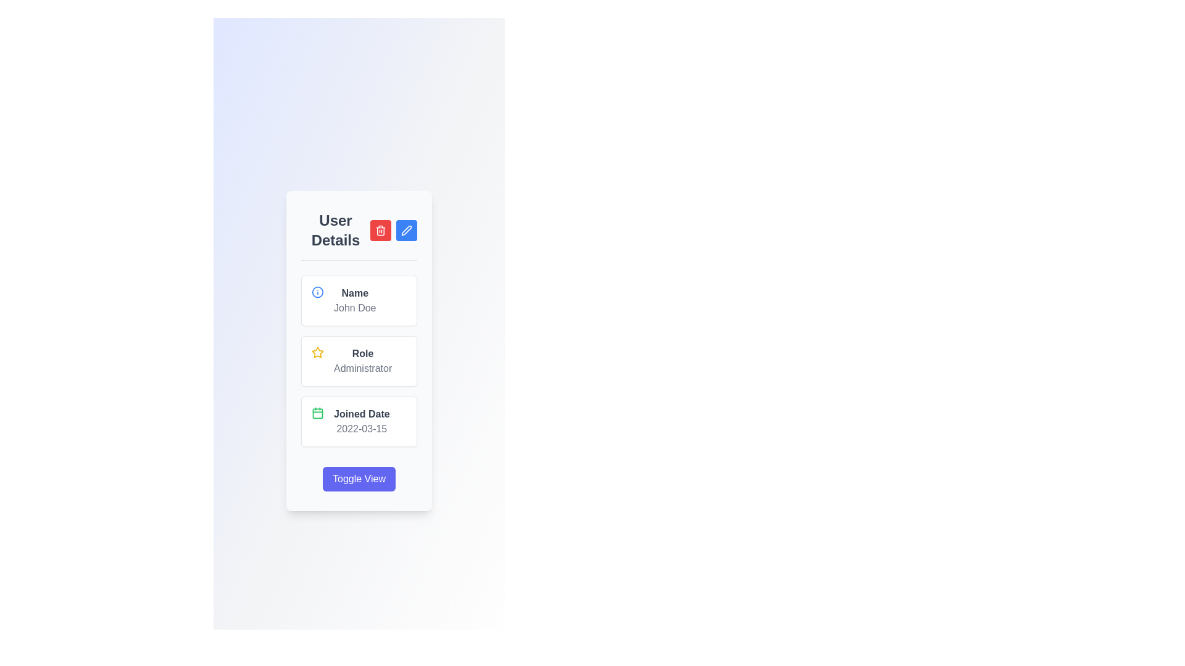  What do you see at coordinates (380, 230) in the screenshot?
I see `the square-shaped button with a red background and white border, featuring a trash bin icon, located in the 'User Details' card` at bounding box center [380, 230].